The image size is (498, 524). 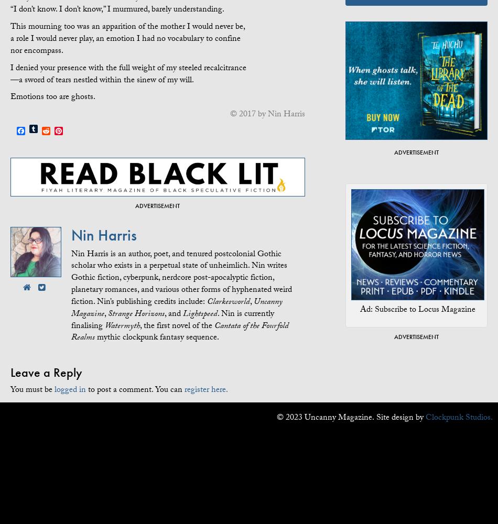 I want to click on 'Clockpunk Studios.', so click(x=458, y=418).